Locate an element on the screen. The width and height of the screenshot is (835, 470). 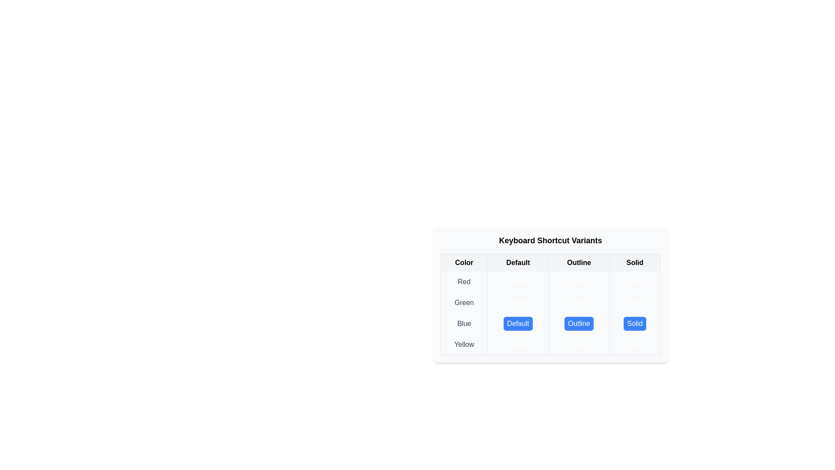
the button labeled 'Default' in the 'Yellow' row of the table is located at coordinates (550, 344).